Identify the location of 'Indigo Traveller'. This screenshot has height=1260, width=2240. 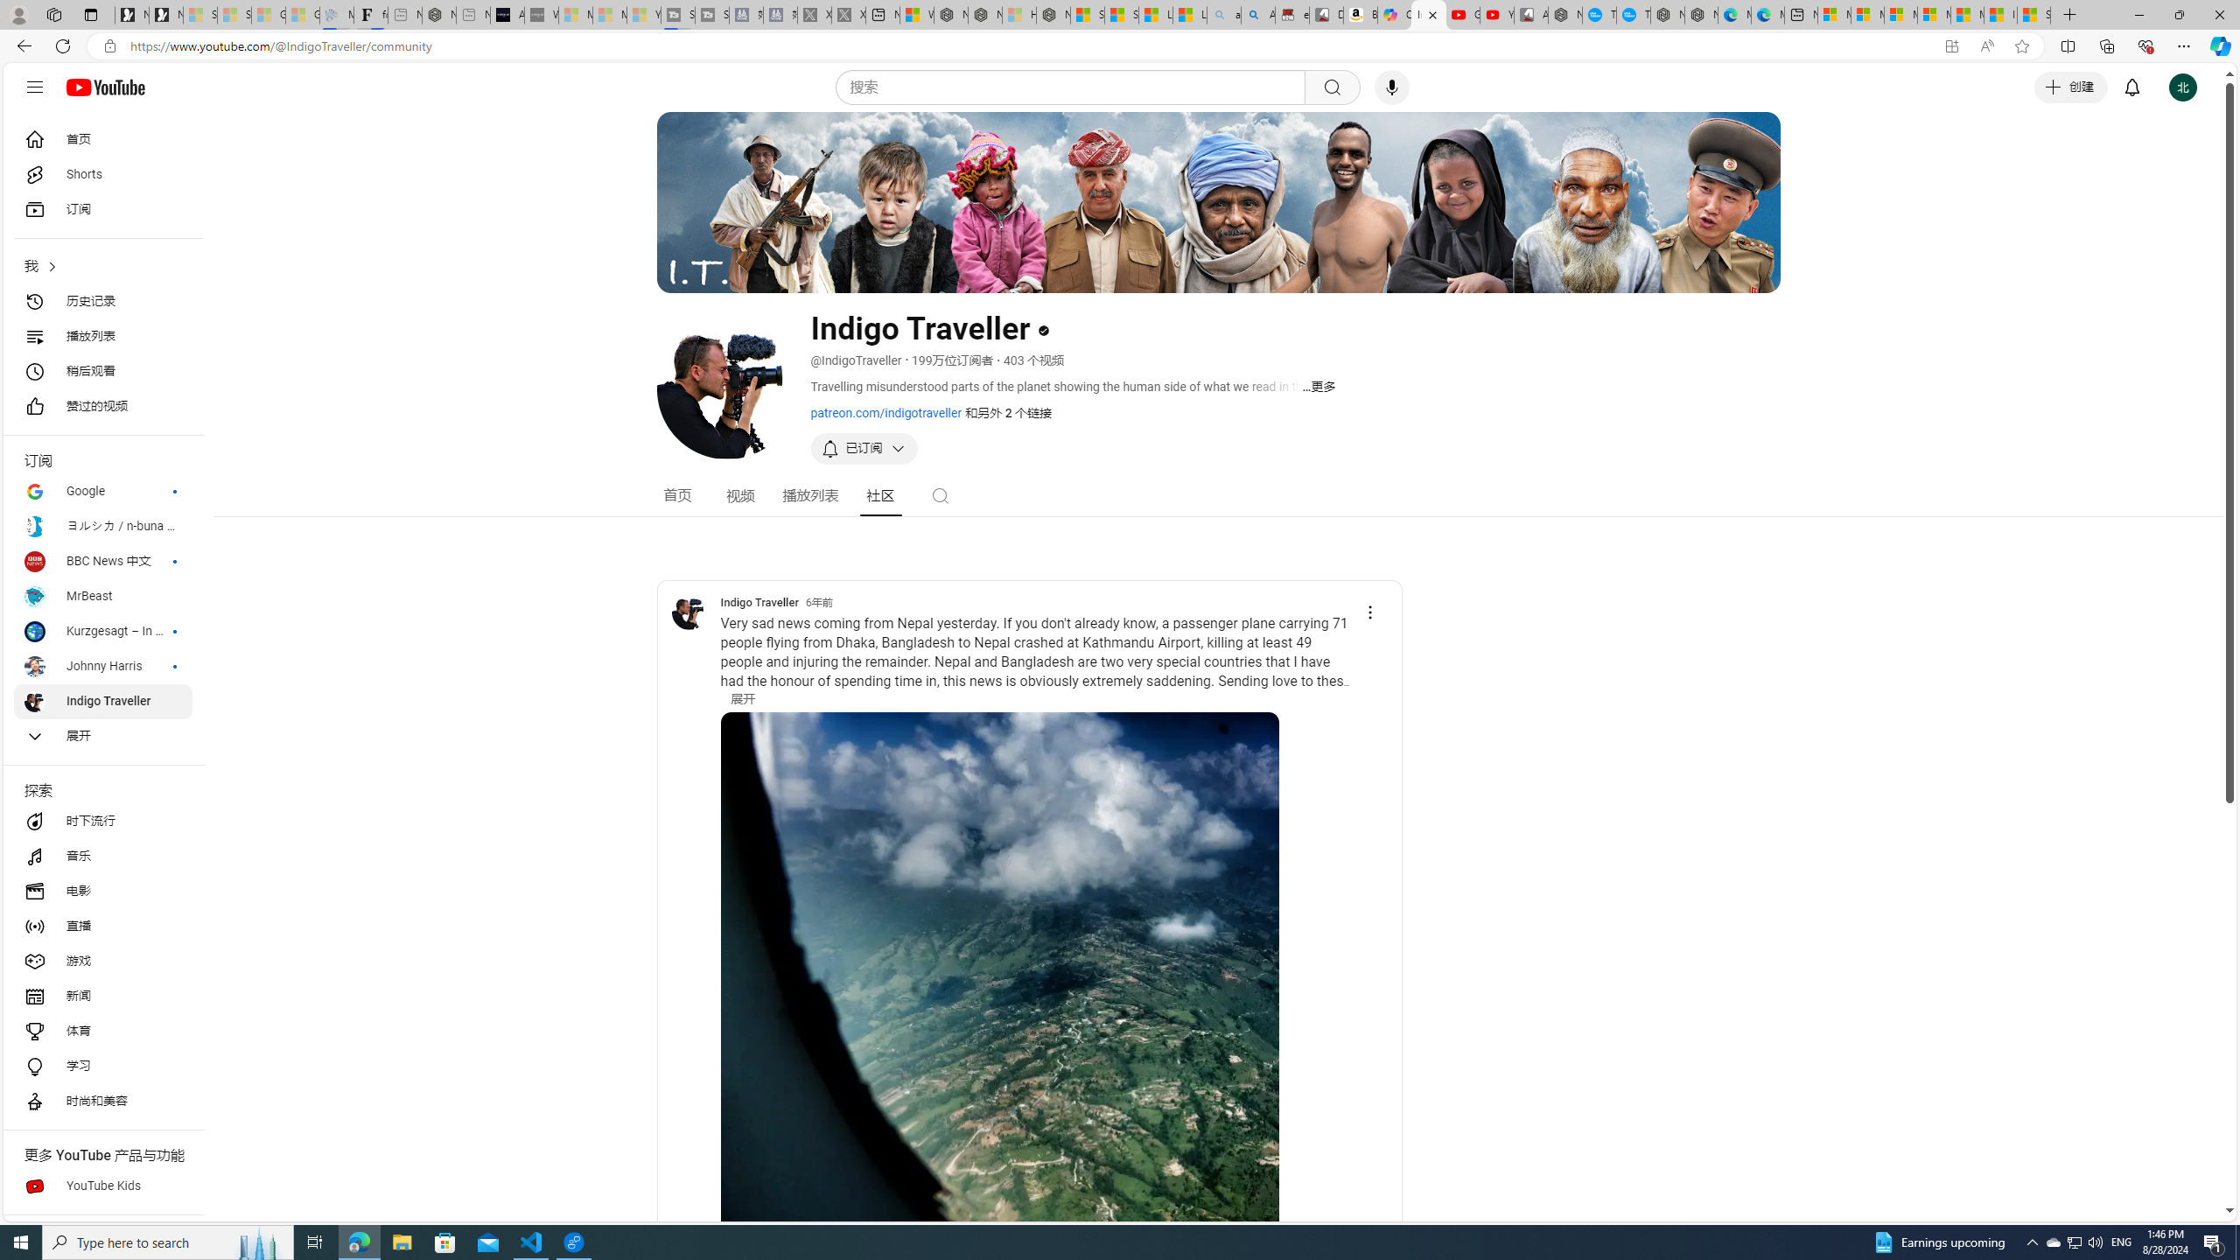
(689, 611).